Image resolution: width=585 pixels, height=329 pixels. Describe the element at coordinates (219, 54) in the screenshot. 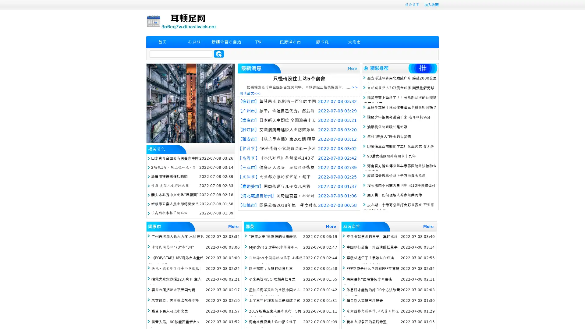

I see `Search` at that location.